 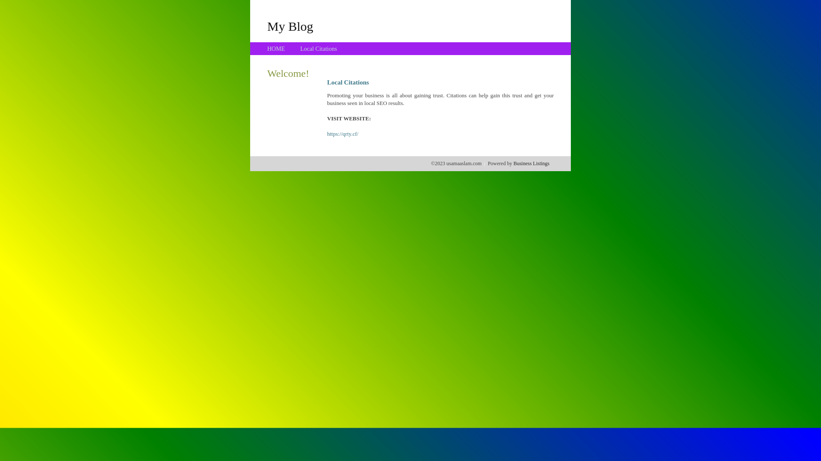 I want to click on 'HOME', so click(x=276, y=49).